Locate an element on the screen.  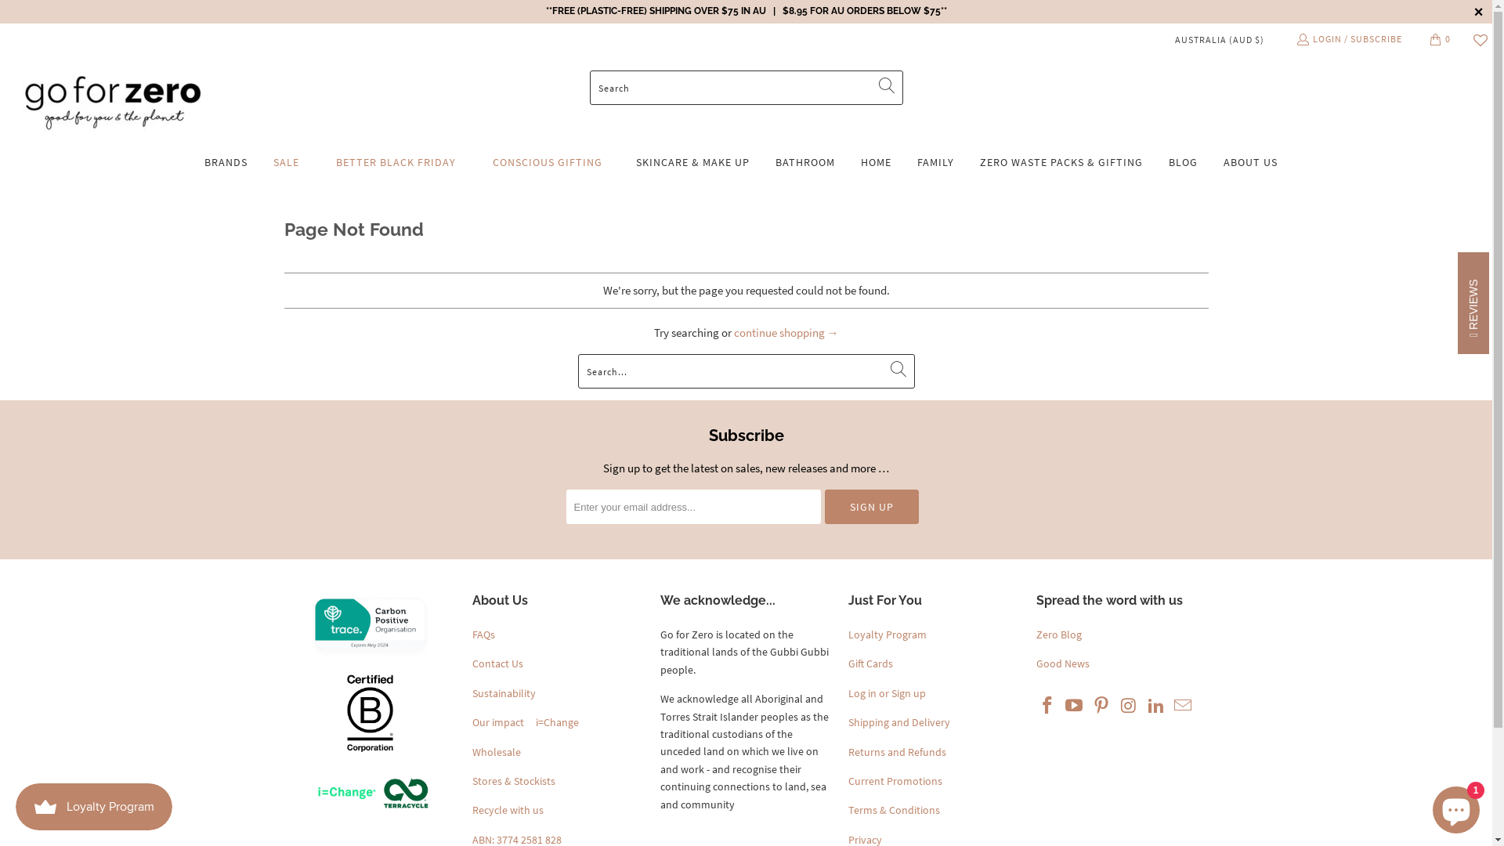
'FAQs' is located at coordinates (482, 634).